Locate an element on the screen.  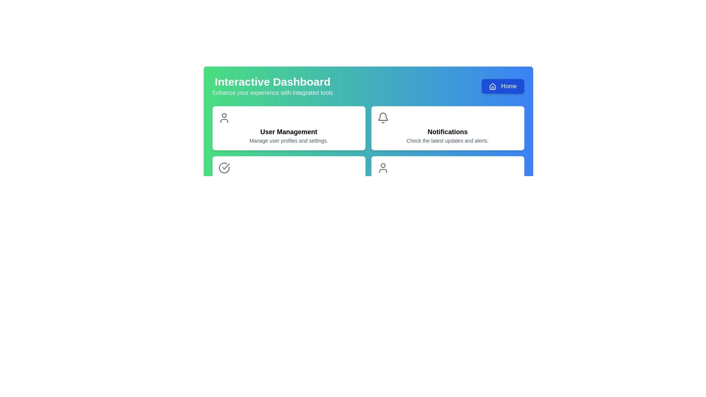
the title text element labeled 'Interactive Dashboard', which is located at the top-left section of the interface is located at coordinates (272, 82).